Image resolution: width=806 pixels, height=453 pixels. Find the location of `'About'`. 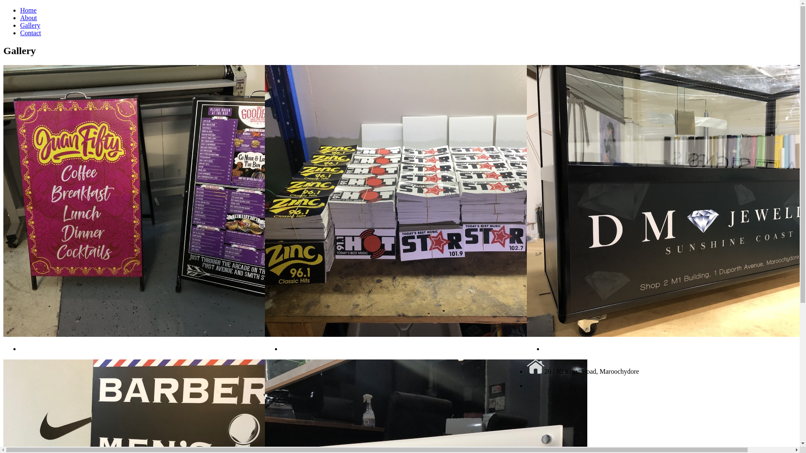

'About' is located at coordinates (28, 18).